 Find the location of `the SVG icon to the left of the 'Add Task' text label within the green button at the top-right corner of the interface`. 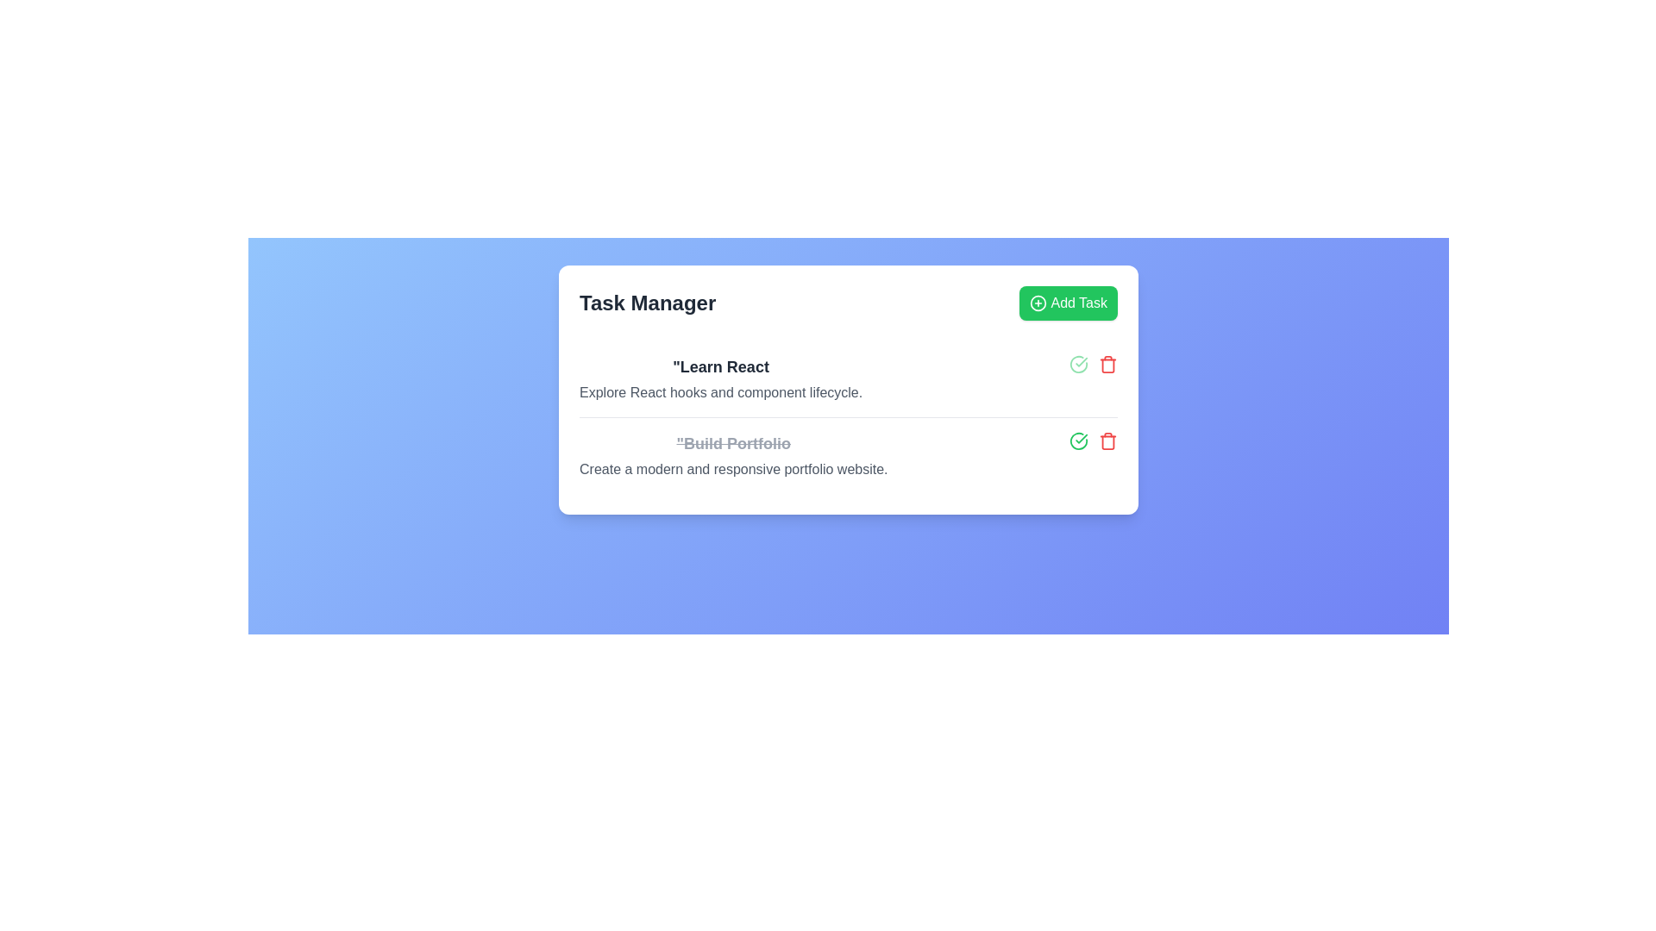

the SVG icon to the left of the 'Add Task' text label within the green button at the top-right corner of the interface is located at coordinates (1038, 302).